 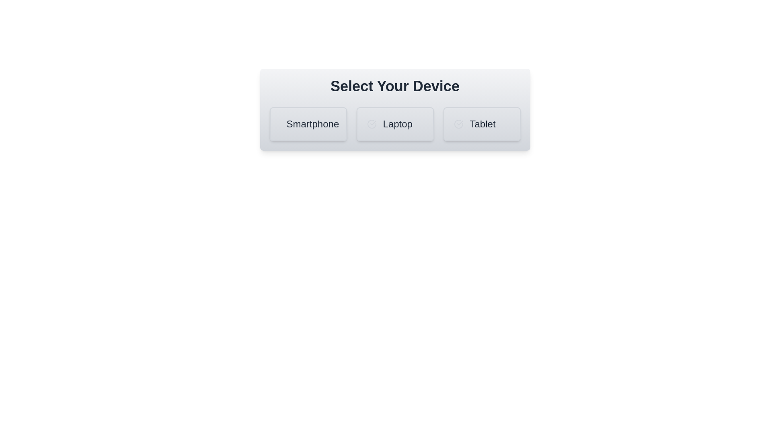 What do you see at coordinates (395, 124) in the screenshot?
I see `the Laptop radio button in the 'Select Your Device' section to observe the hover effect` at bounding box center [395, 124].